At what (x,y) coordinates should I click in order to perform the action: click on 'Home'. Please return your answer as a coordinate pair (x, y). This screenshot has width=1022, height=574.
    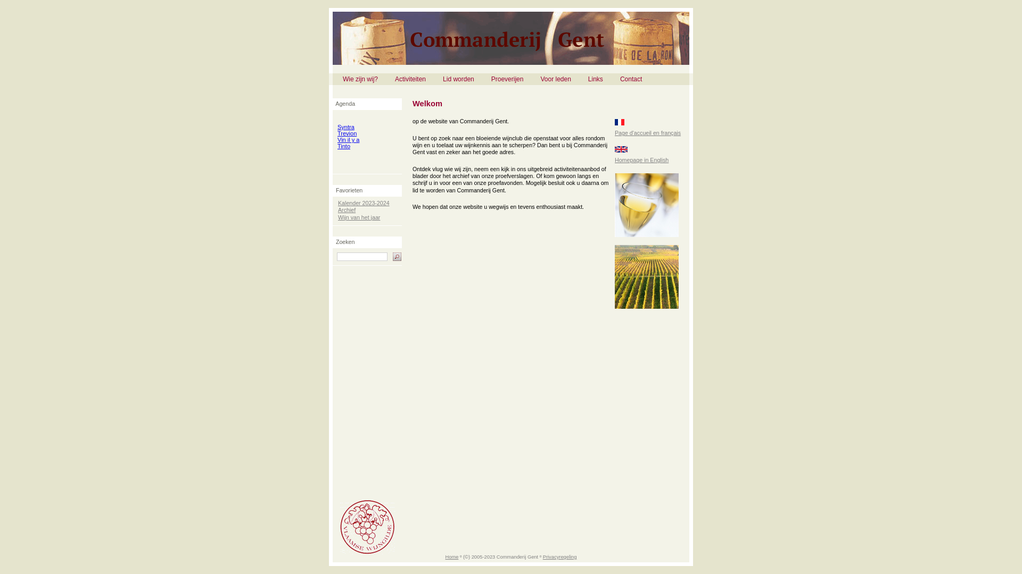
    Looking at the image, I should click on (451, 556).